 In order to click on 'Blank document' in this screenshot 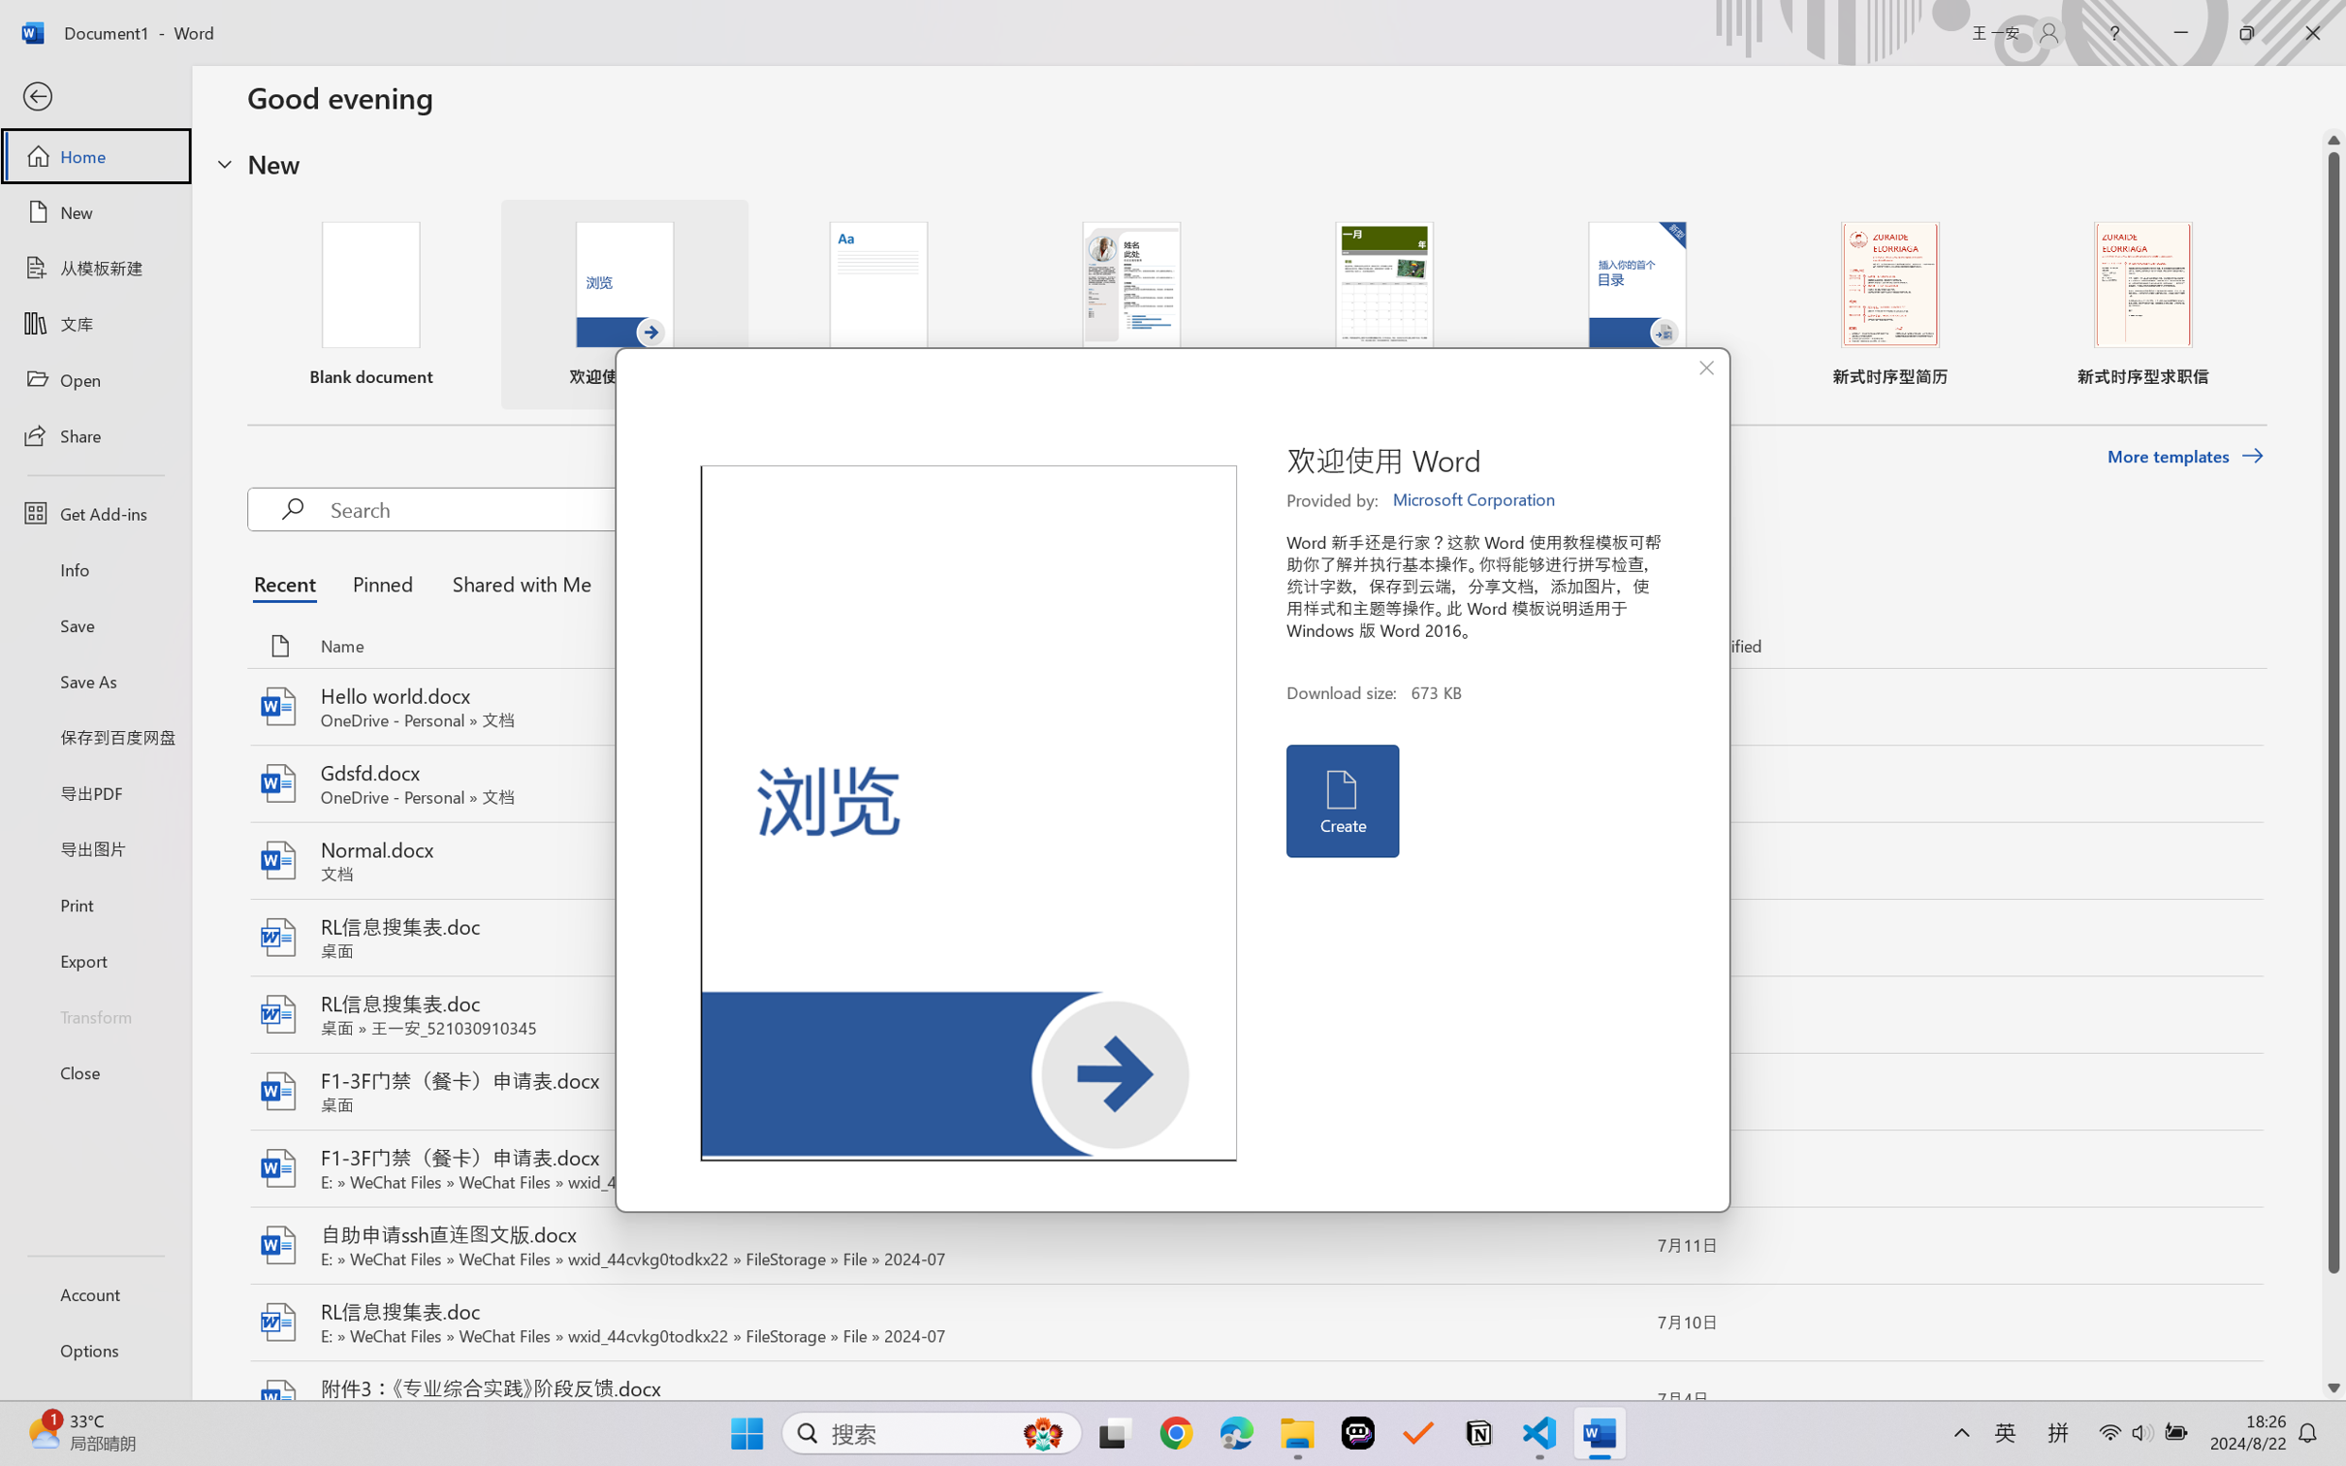, I will do `click(370, 304)`.